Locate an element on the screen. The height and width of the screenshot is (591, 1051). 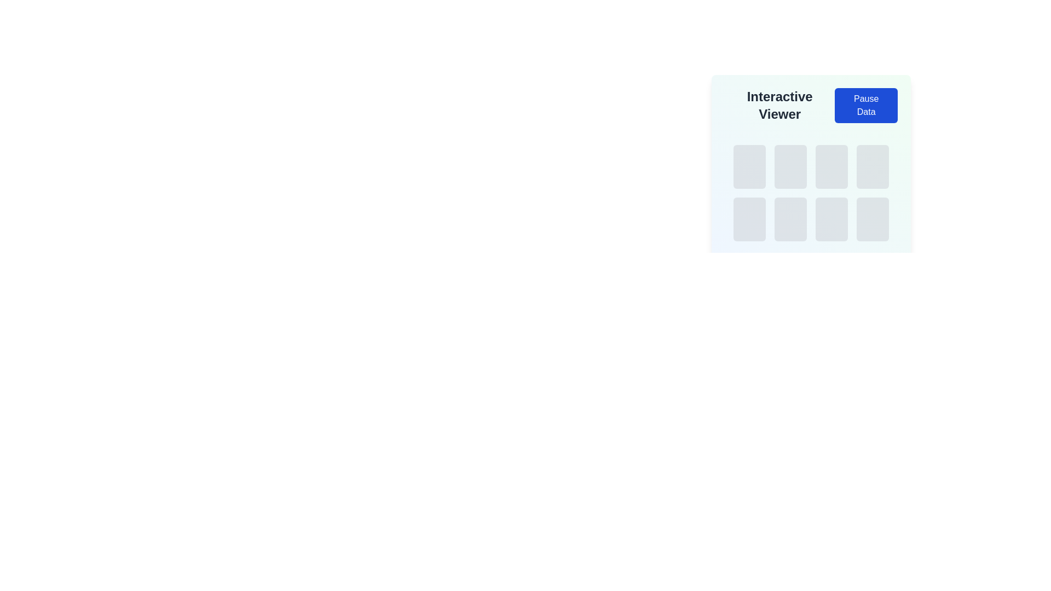
the A placeholder or loading indicator block located in the second row and first column of a 4x2 grid, which is styled with a light gray background and rounded corners, to manipulate adjacent elements is located at coordinates (749, 219).